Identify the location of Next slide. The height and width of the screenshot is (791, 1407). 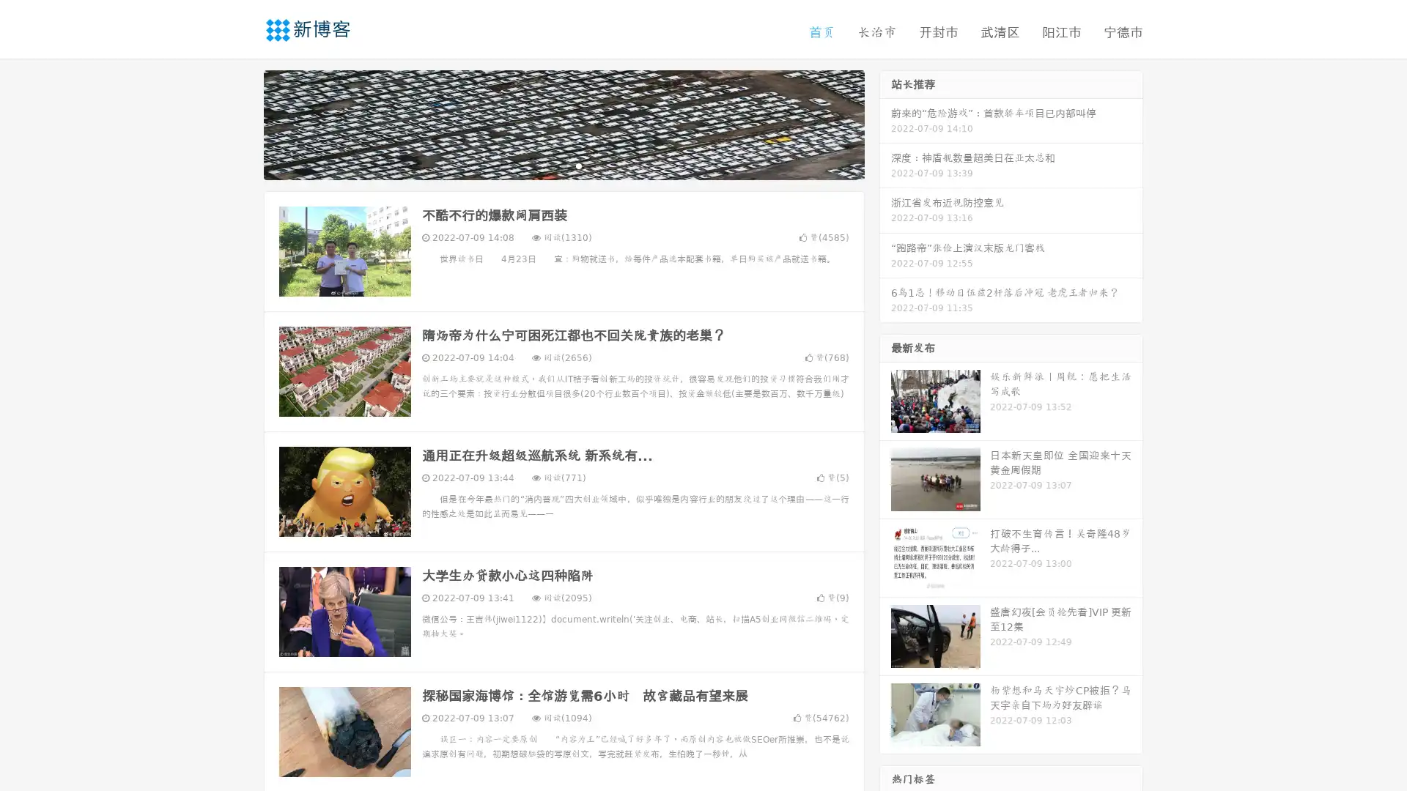
(885, 123).